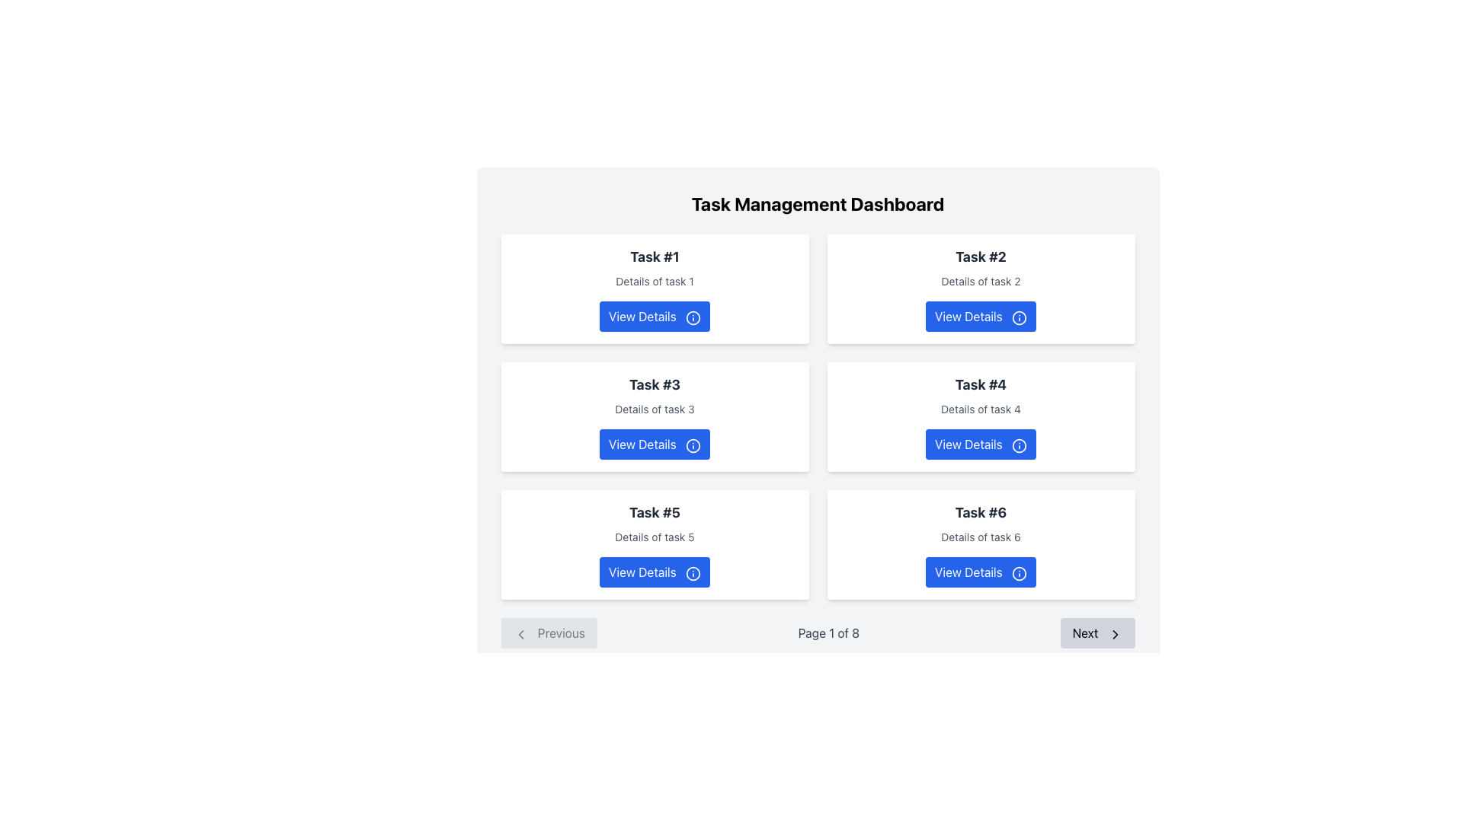  Describe the element at coordinates (655, 536) in the screenshot. I see `the text element styled in gray that reads 'Details of task 5', located below the 'Task #5' heading and above the 'View Details' button` at that location.